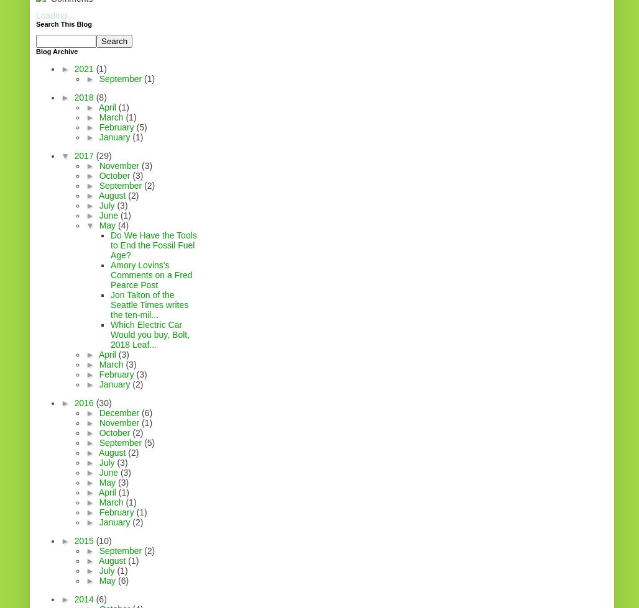  What do you see at coordinates (122, 225) in the screenshot?
I see `'(4)'` at bounding box center [122, 225].